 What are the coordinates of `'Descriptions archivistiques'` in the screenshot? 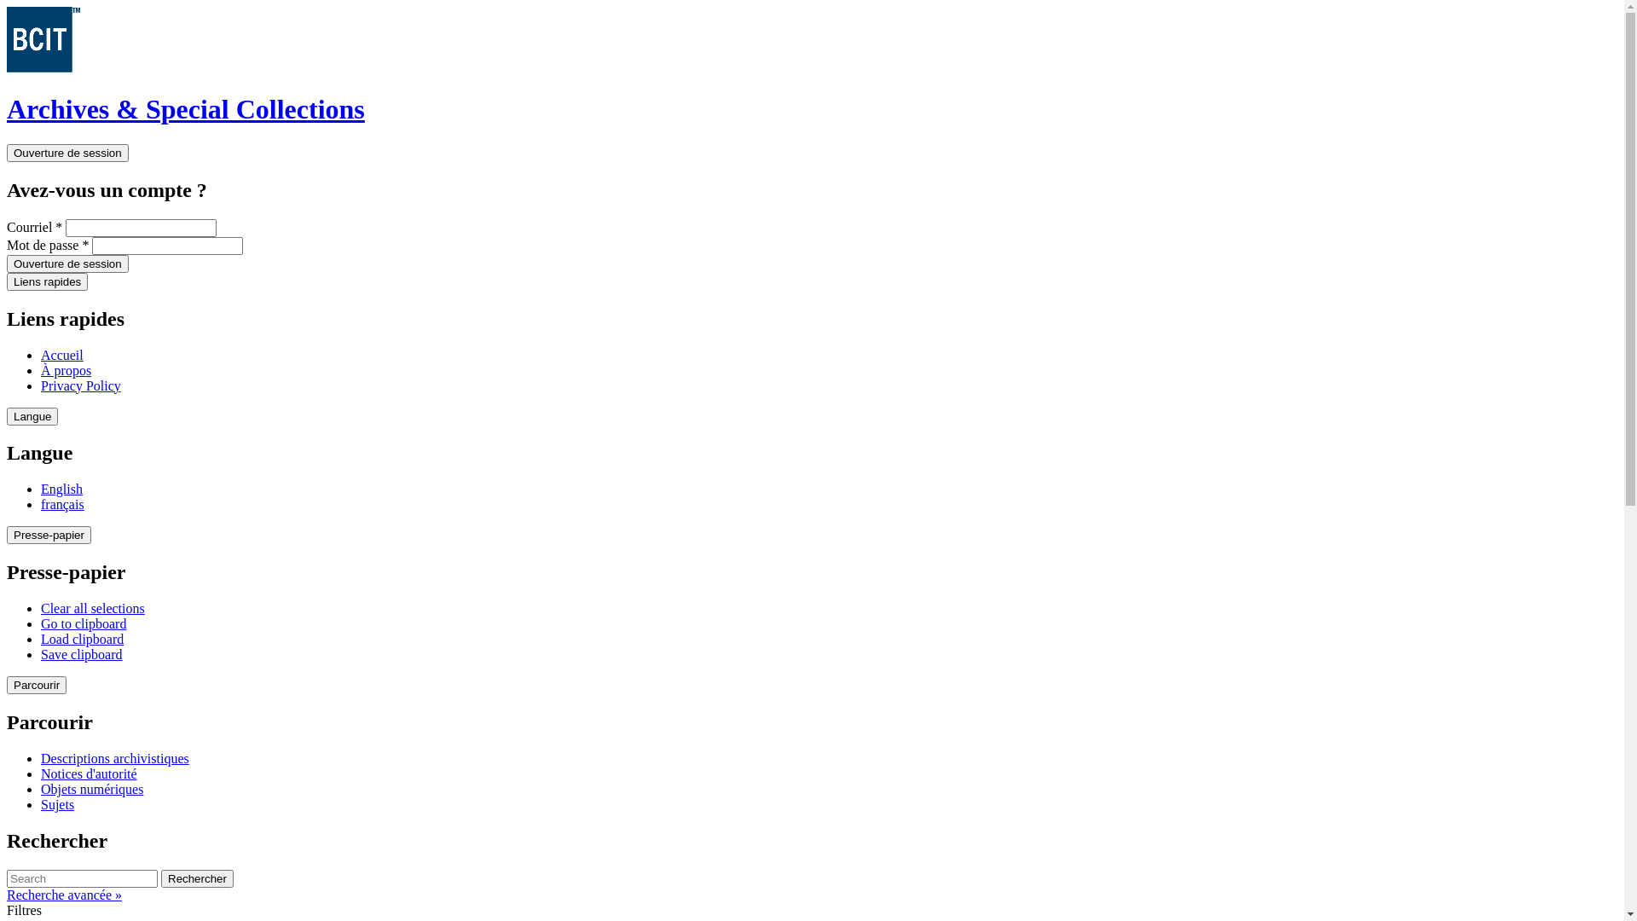 It's located at (113, 757).